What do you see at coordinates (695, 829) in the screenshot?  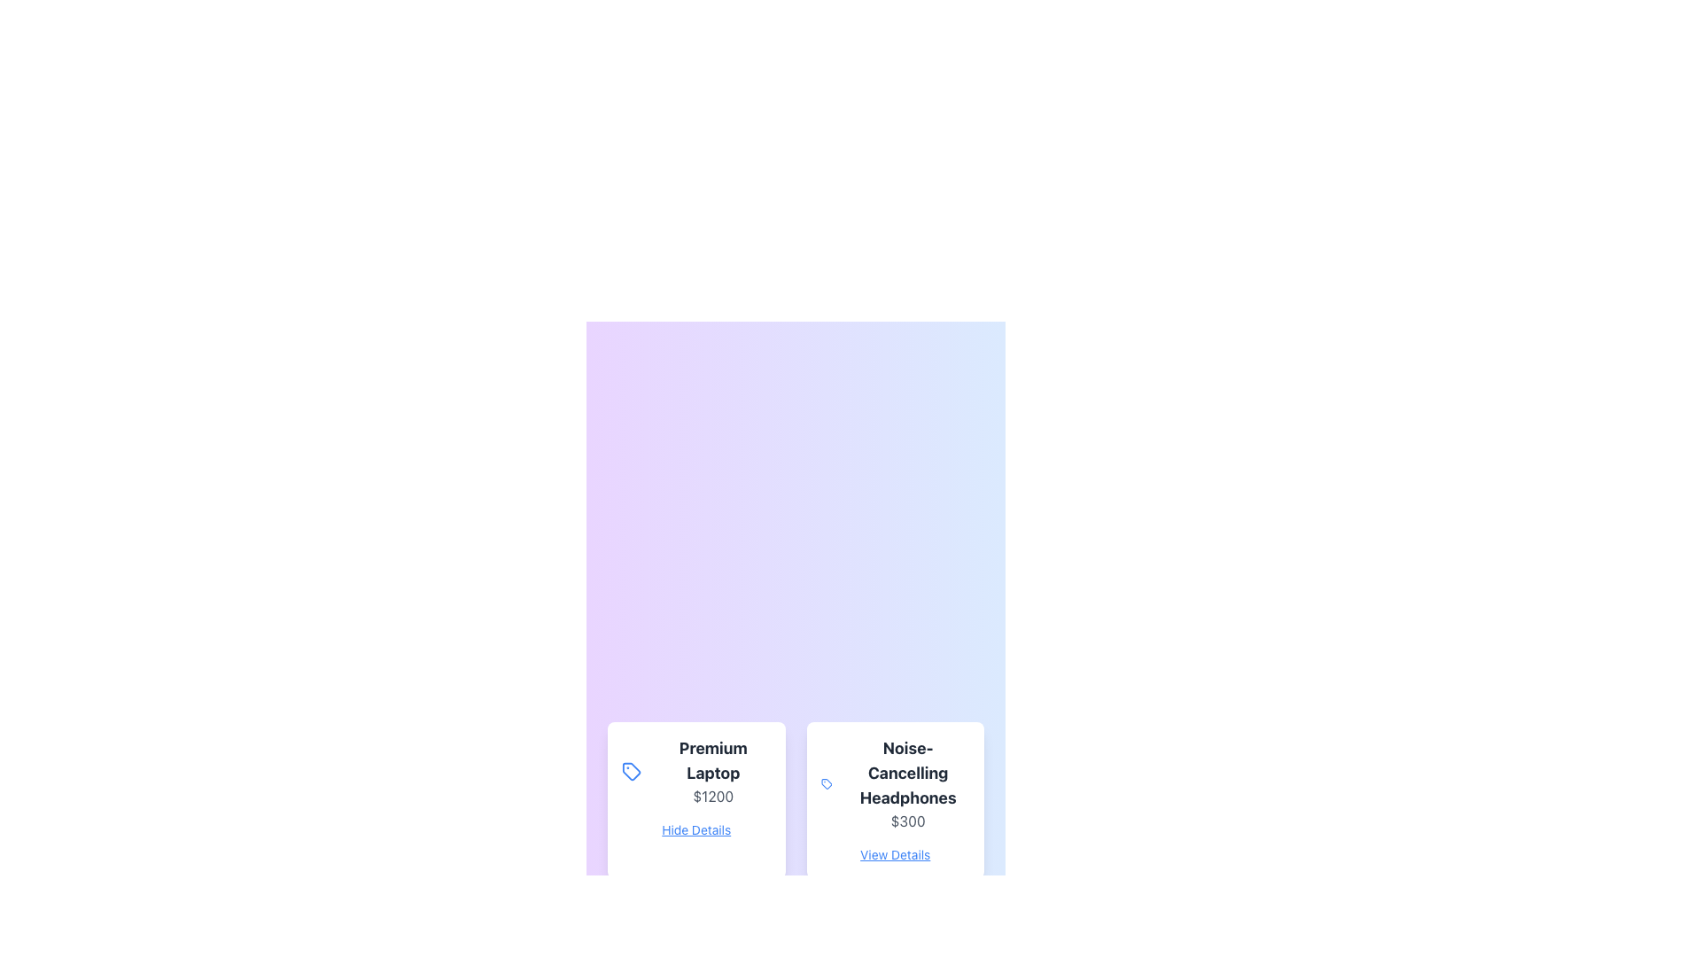 I see `the 'Hide Details' hyperlink styled as interactive text, located at the bottom of the product details card for the 'Premium Laptop'` at bounding box center [695, 829].